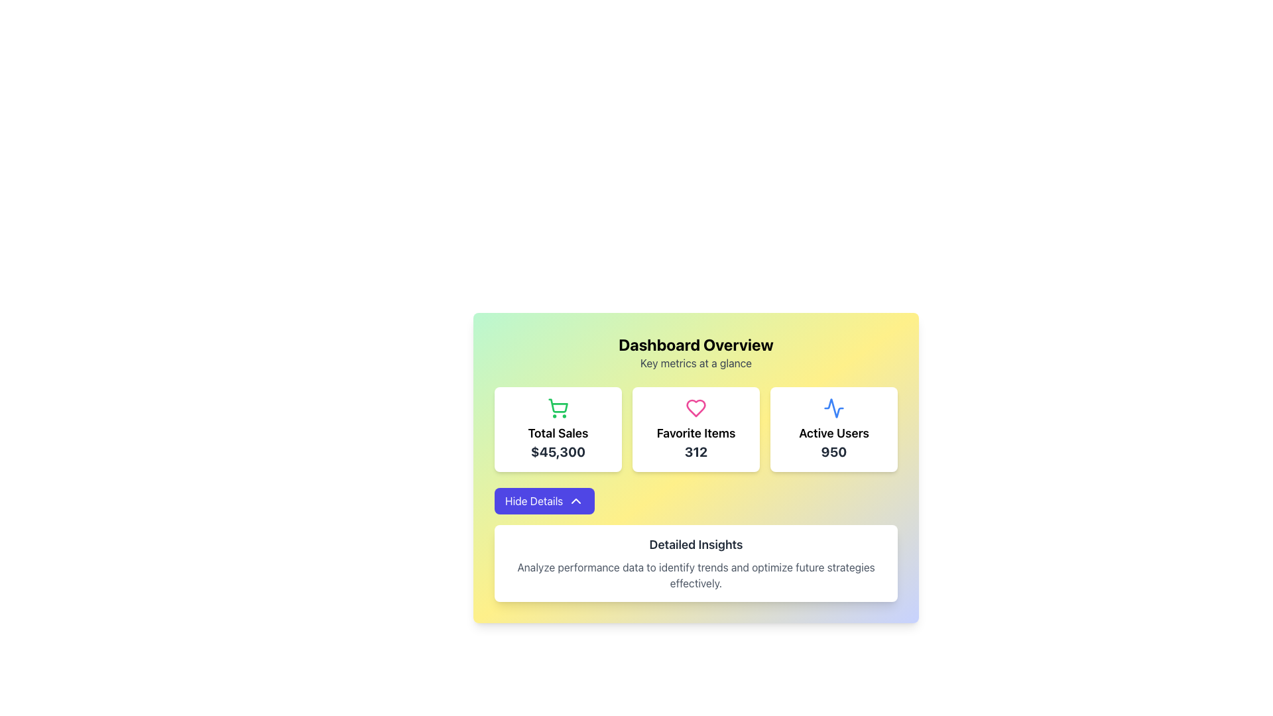  What do you see at coordinates (696, 344) in the screenshot?
I see `the prominent heading Text Label that indicates an overview of dashboard metrics, located at the top central area of the card-like section` at bounding box center [696, 344].